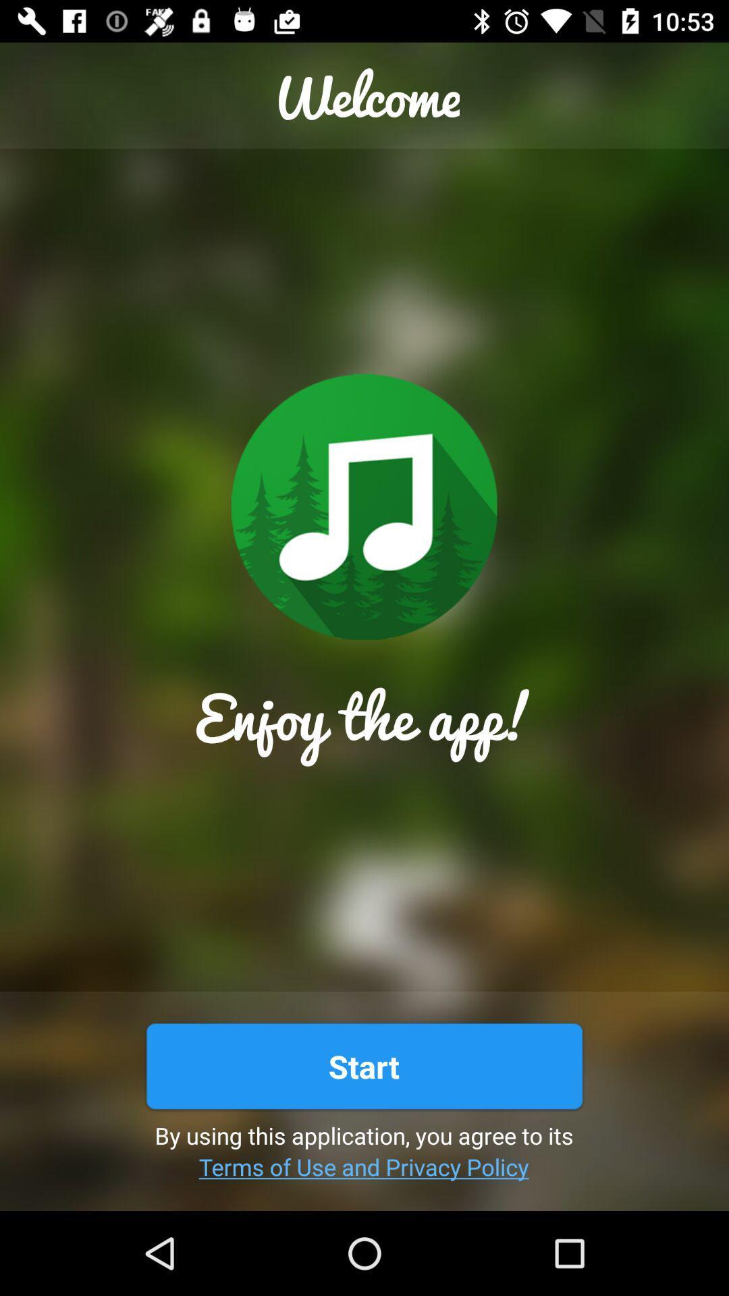 This screenshot has height=1296, width=729. What do you see at coordinates (363, 1065) in the screenshot?
I see `icon above the by using this` at bounding box center [363, 1065].